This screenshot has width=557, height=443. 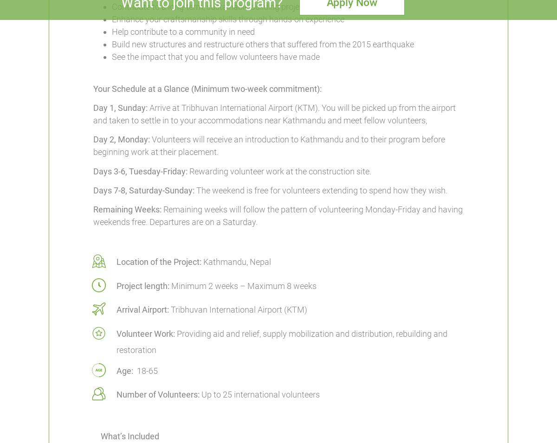 I want to click on 'Arrive at Tribhuvan International Airport (KTM). You will be picked up from the airport and taken to settle in to your accommodations near Kathmandu and meet fellow volunteers,', so click(x=93, y=113).